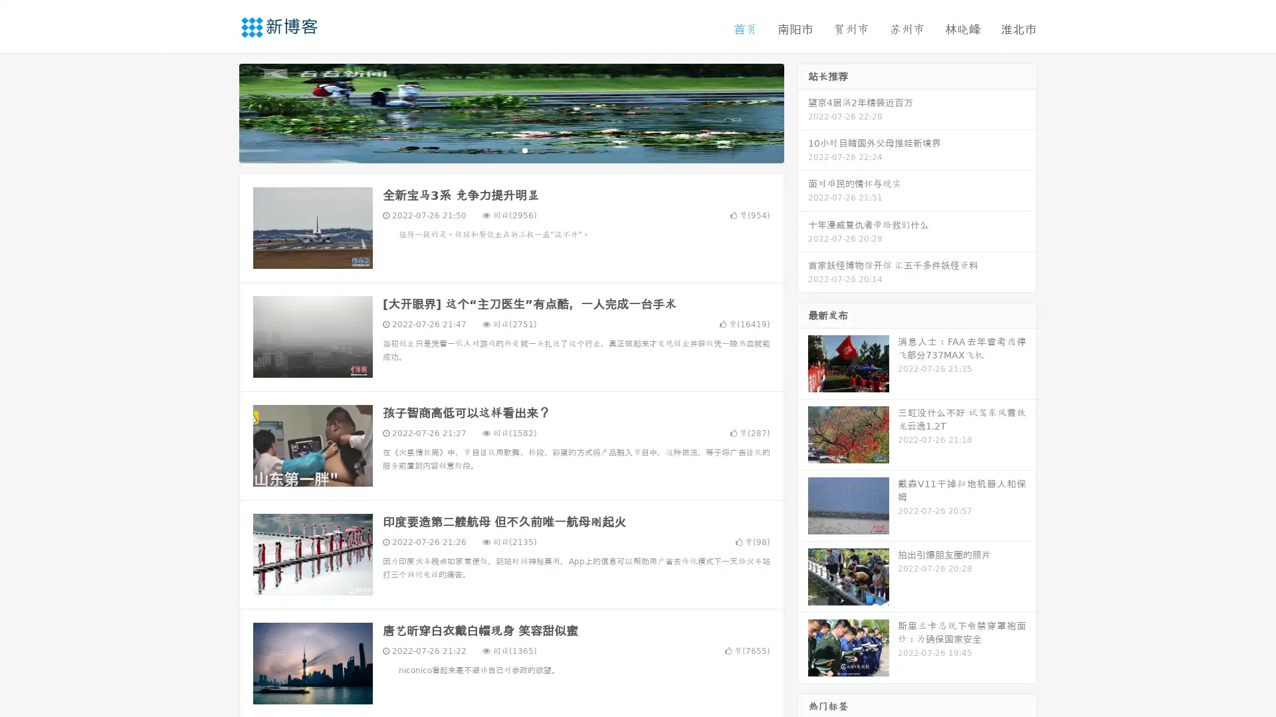  What do you see at coordinates (803, 112) in the screenshot?
I see `Next slide` at bounding box center [803, 112].